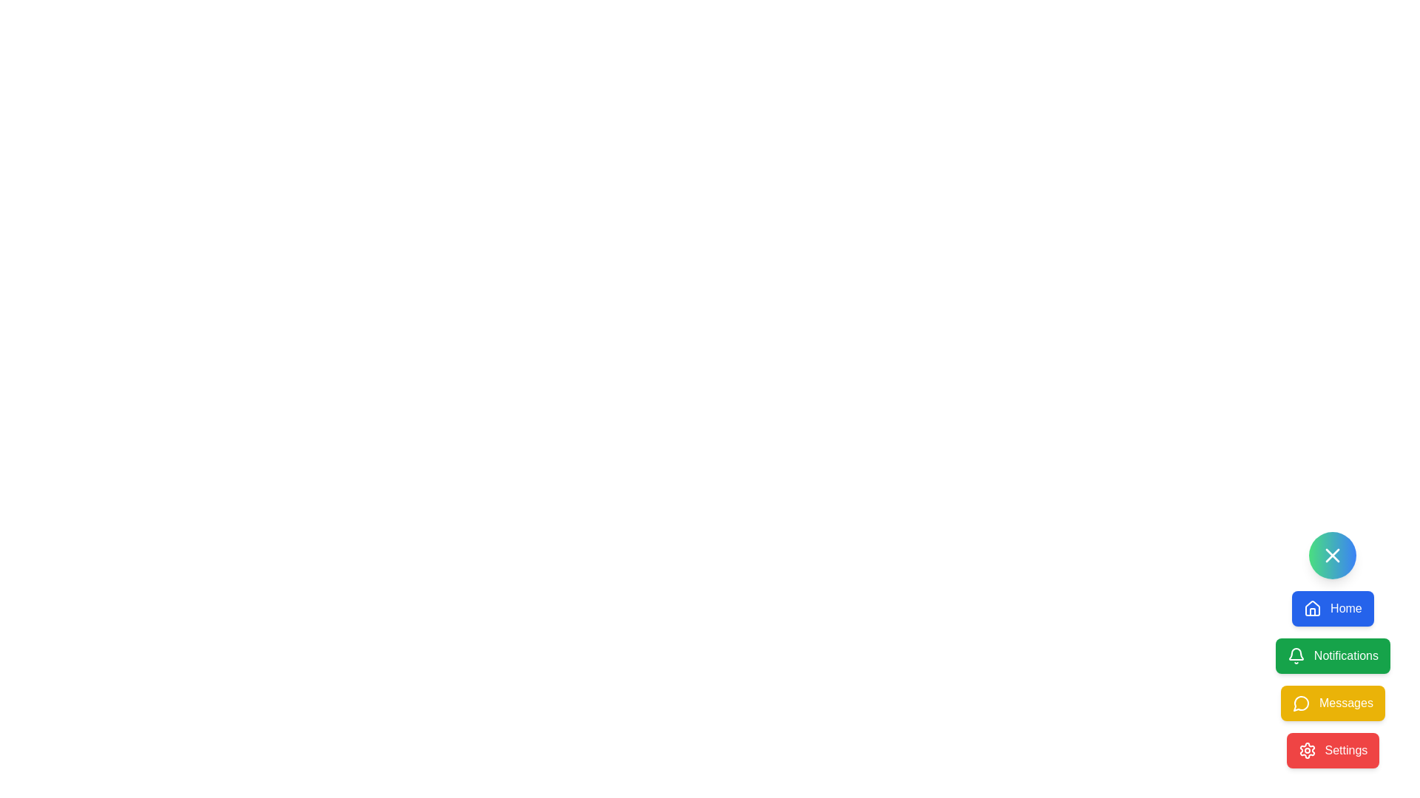 This screenshot has height=798, width=1420. I want to click on the 'Home' button, which is a rectangular button with rounded corners, a blue background, and a white house icon on the left side, so click(1333, 609).